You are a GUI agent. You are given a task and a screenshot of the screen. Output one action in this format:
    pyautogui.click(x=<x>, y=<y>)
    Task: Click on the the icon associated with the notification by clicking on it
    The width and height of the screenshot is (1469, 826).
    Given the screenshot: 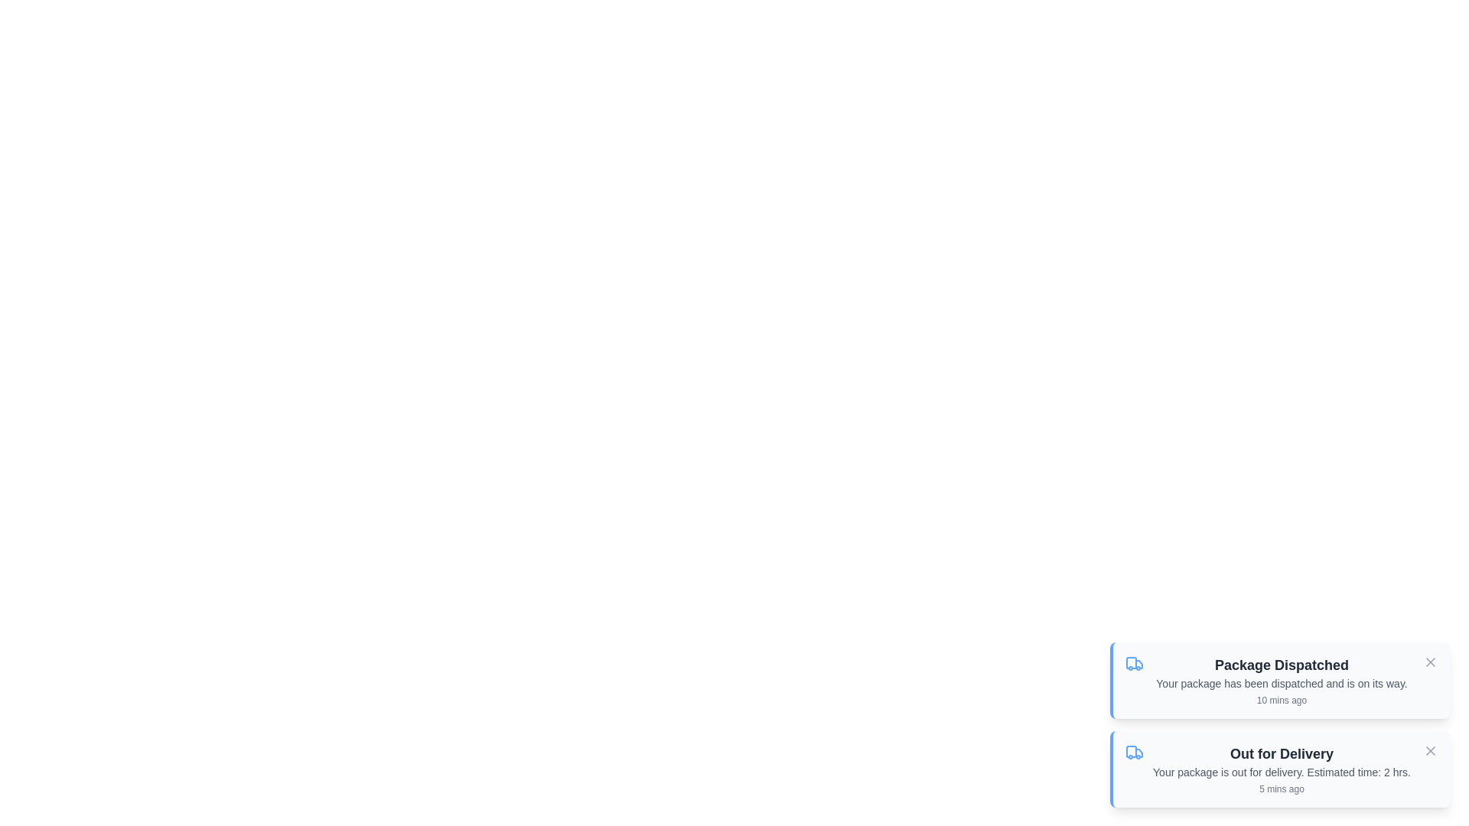 What is the action you would take?
    pyautogui.click(x=1135, y=662)
    